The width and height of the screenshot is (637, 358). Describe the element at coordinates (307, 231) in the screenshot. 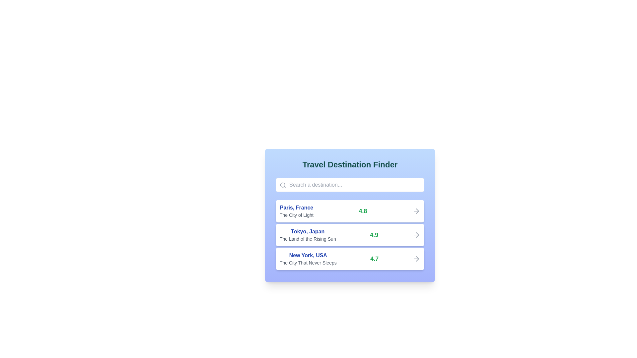

I see `the main title text element that identifies a destination entry, located above 'The Land of the Rising Sun'` at that location.